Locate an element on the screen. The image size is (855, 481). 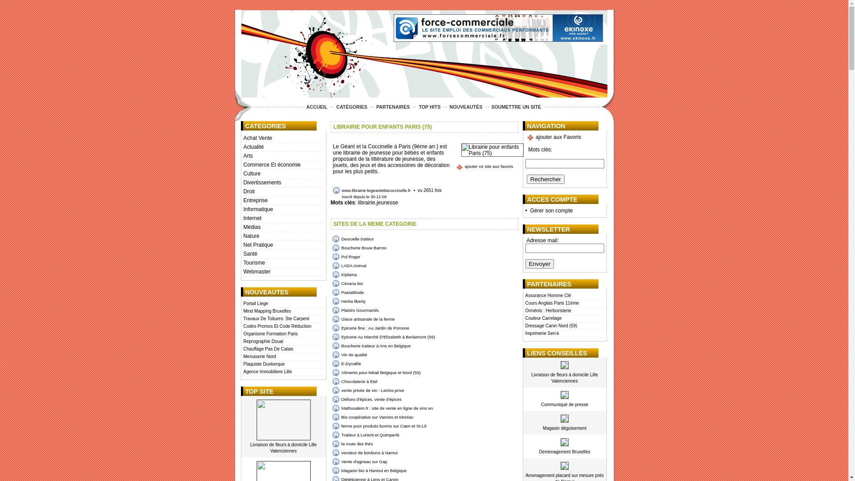
'Net Pratique' is located at coordinates (282, 245).